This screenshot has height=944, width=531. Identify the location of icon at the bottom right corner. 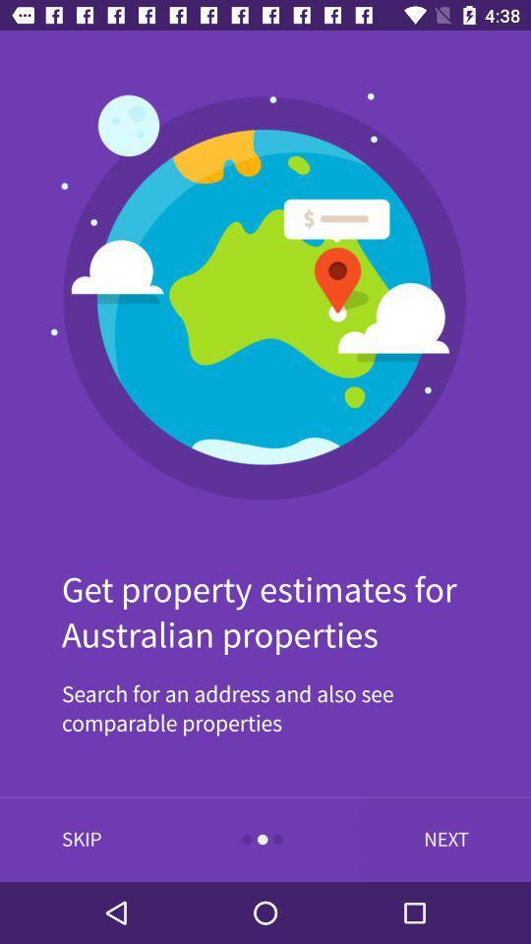
(442, 839).